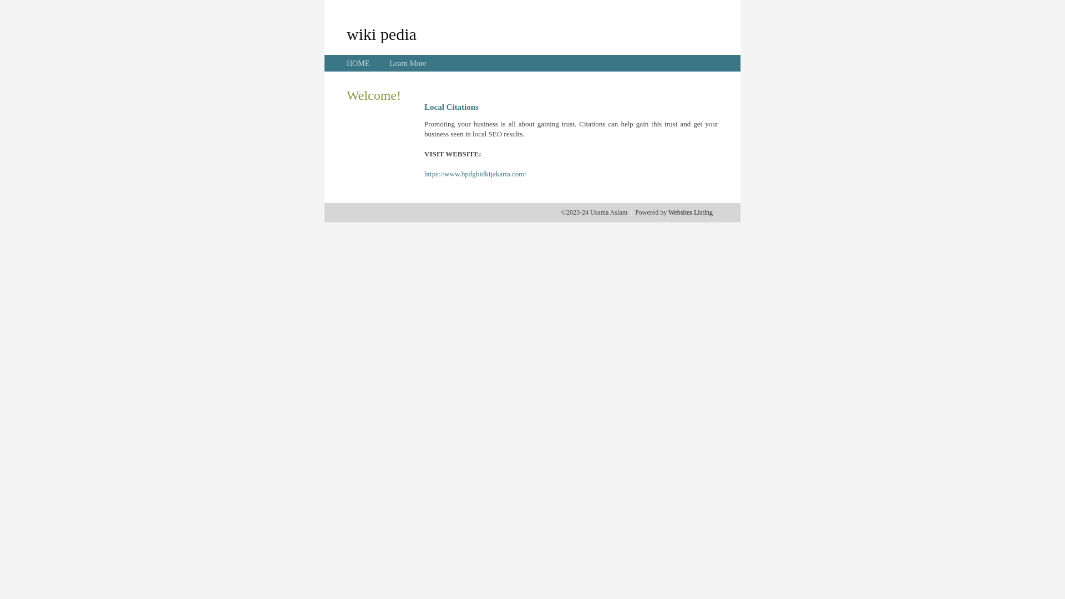 This screenshot has height=599, width=1065. What do you see at coordinates (381, 33) in the screenshot?
I see `'wiki pedia'` at bounding box center [381, 33].